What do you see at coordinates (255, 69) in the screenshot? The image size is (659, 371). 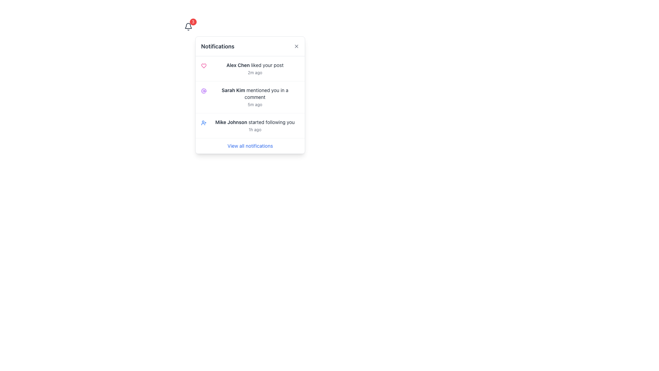 I see `the first notification entry in the dropdown notification panel that indicates Alex Chen liking a post` at bounding box center [255, 69].